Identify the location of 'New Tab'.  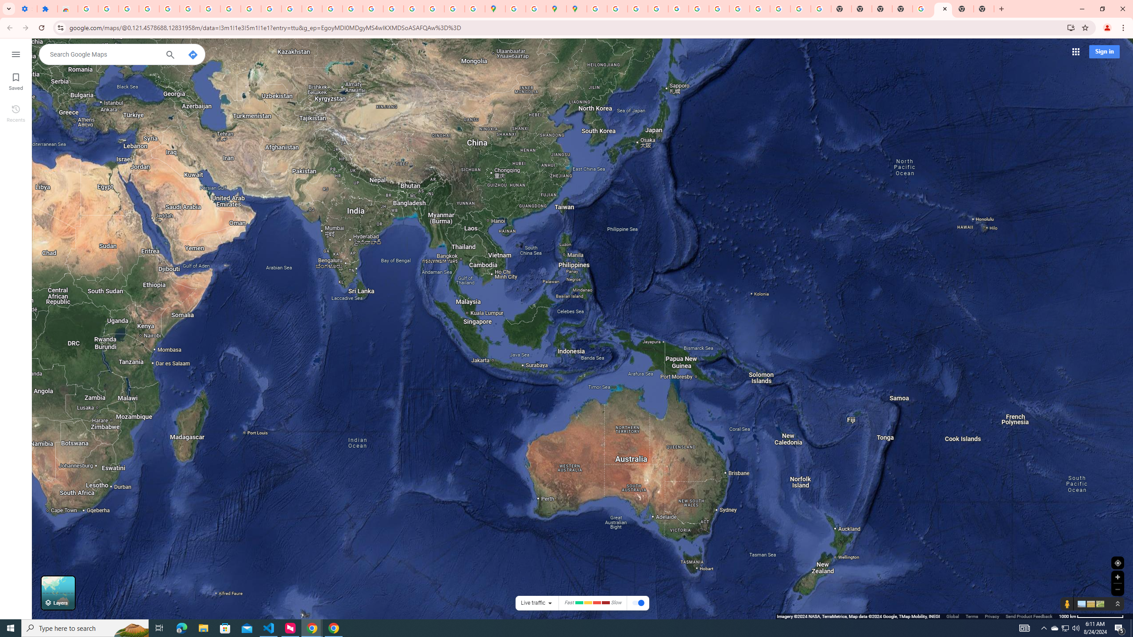
(963, 8).